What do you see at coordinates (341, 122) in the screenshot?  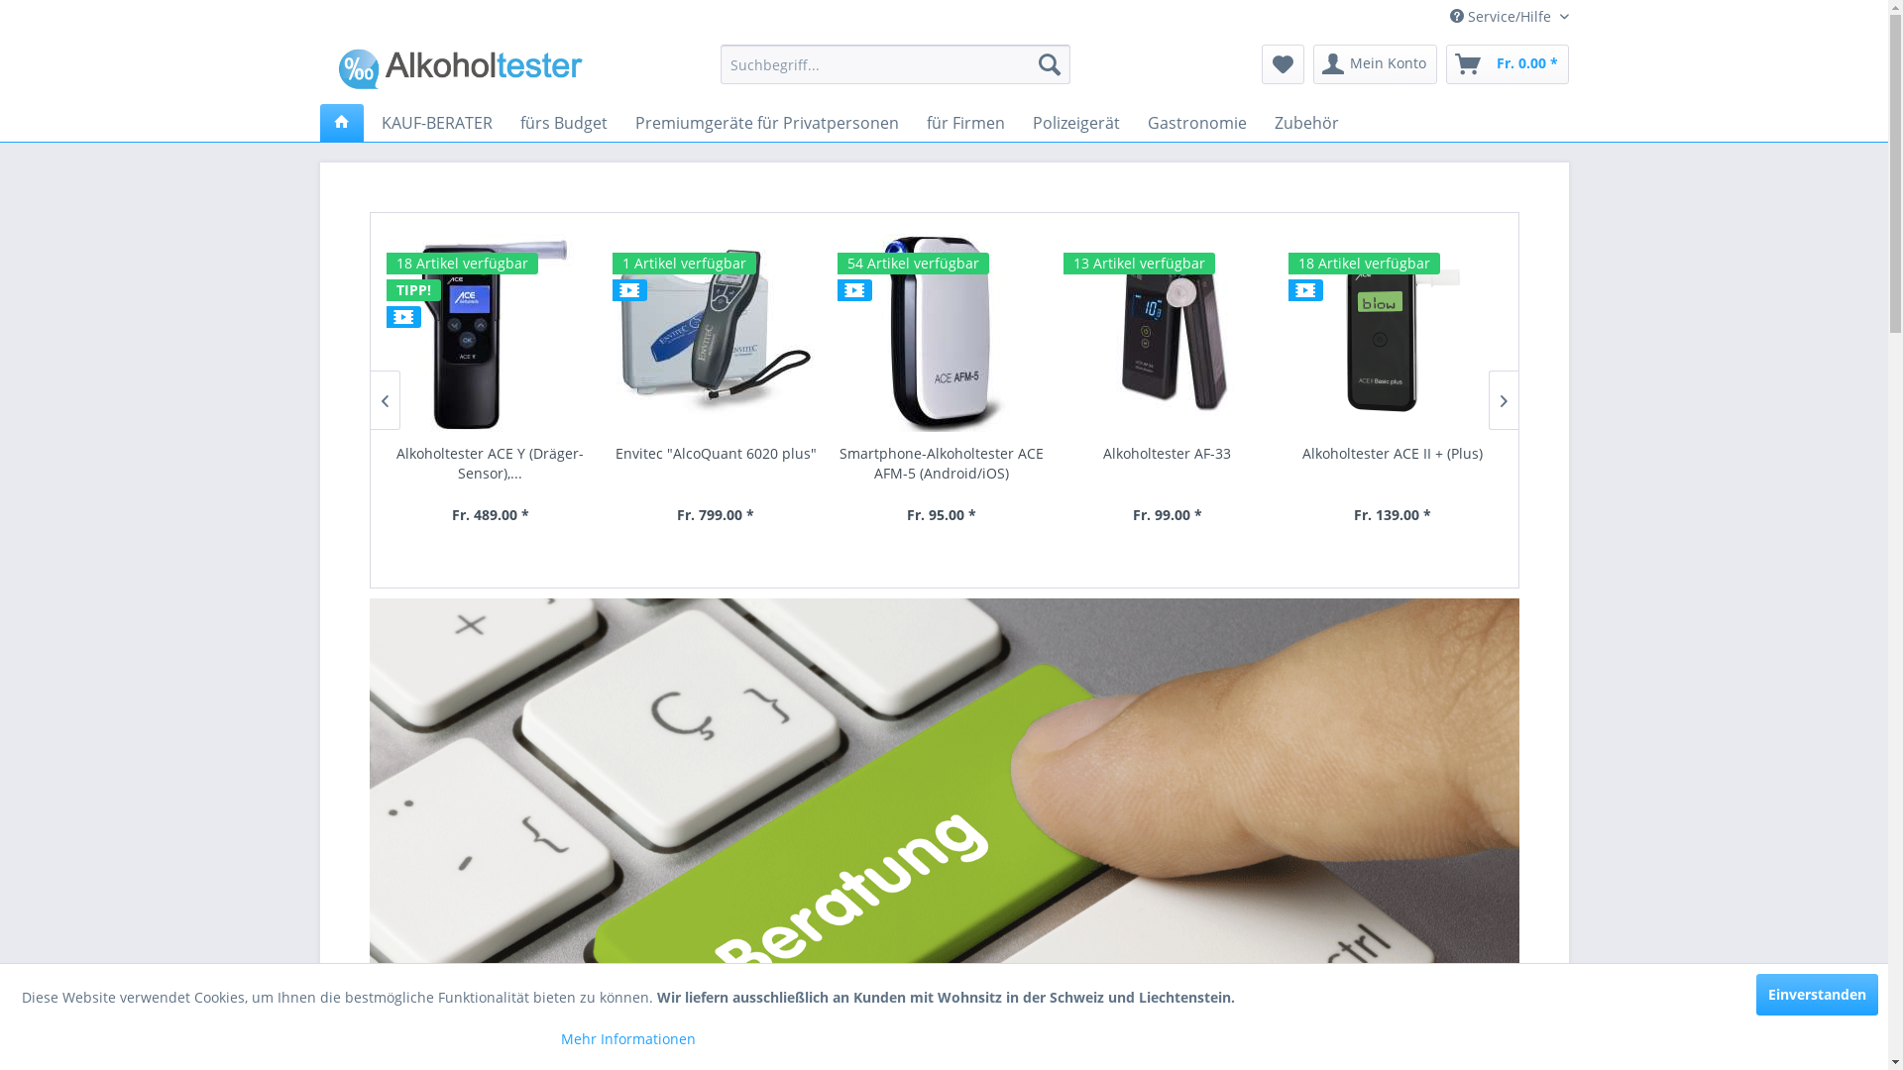 I see `'Home'` at bounding box center [341, 122].